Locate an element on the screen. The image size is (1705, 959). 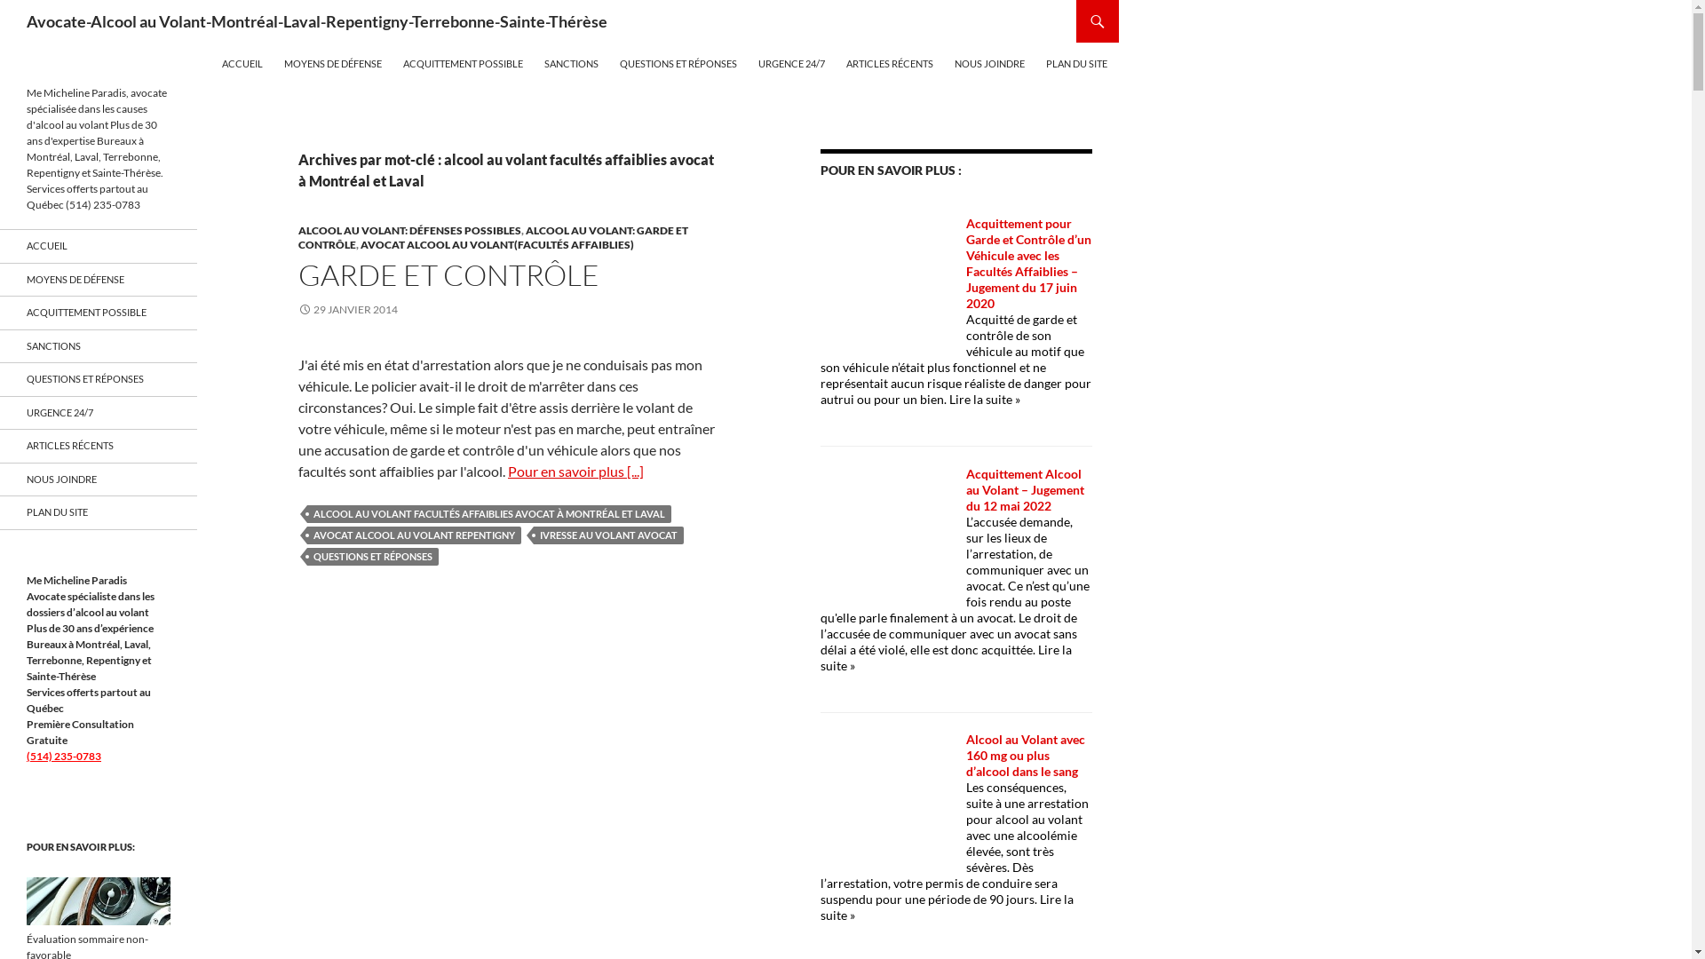
'NOUS JOINDRE' is located at coordinates (988, 63).